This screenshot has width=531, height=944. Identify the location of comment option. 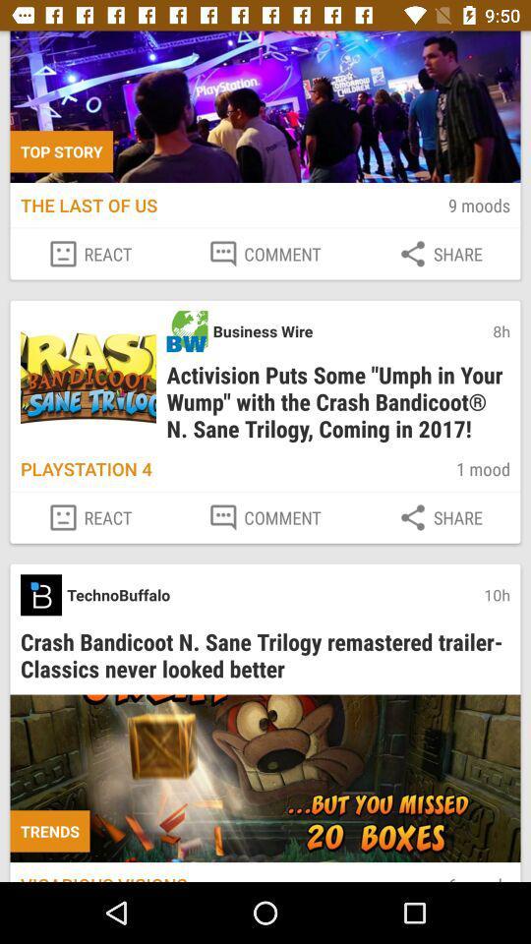
(265, 253).